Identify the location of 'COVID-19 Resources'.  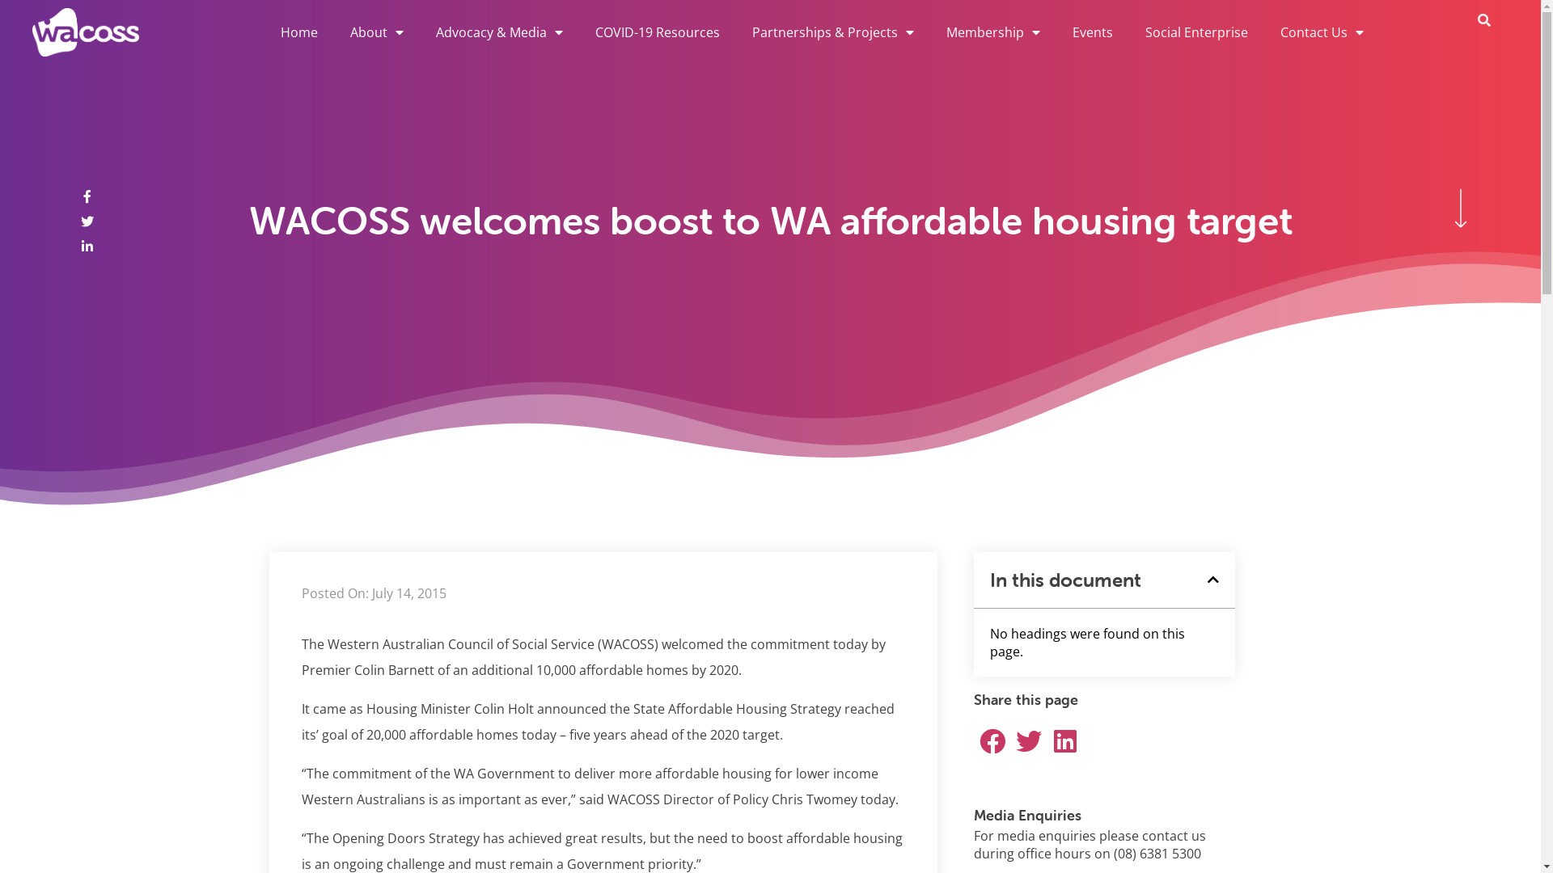
(657, 32).